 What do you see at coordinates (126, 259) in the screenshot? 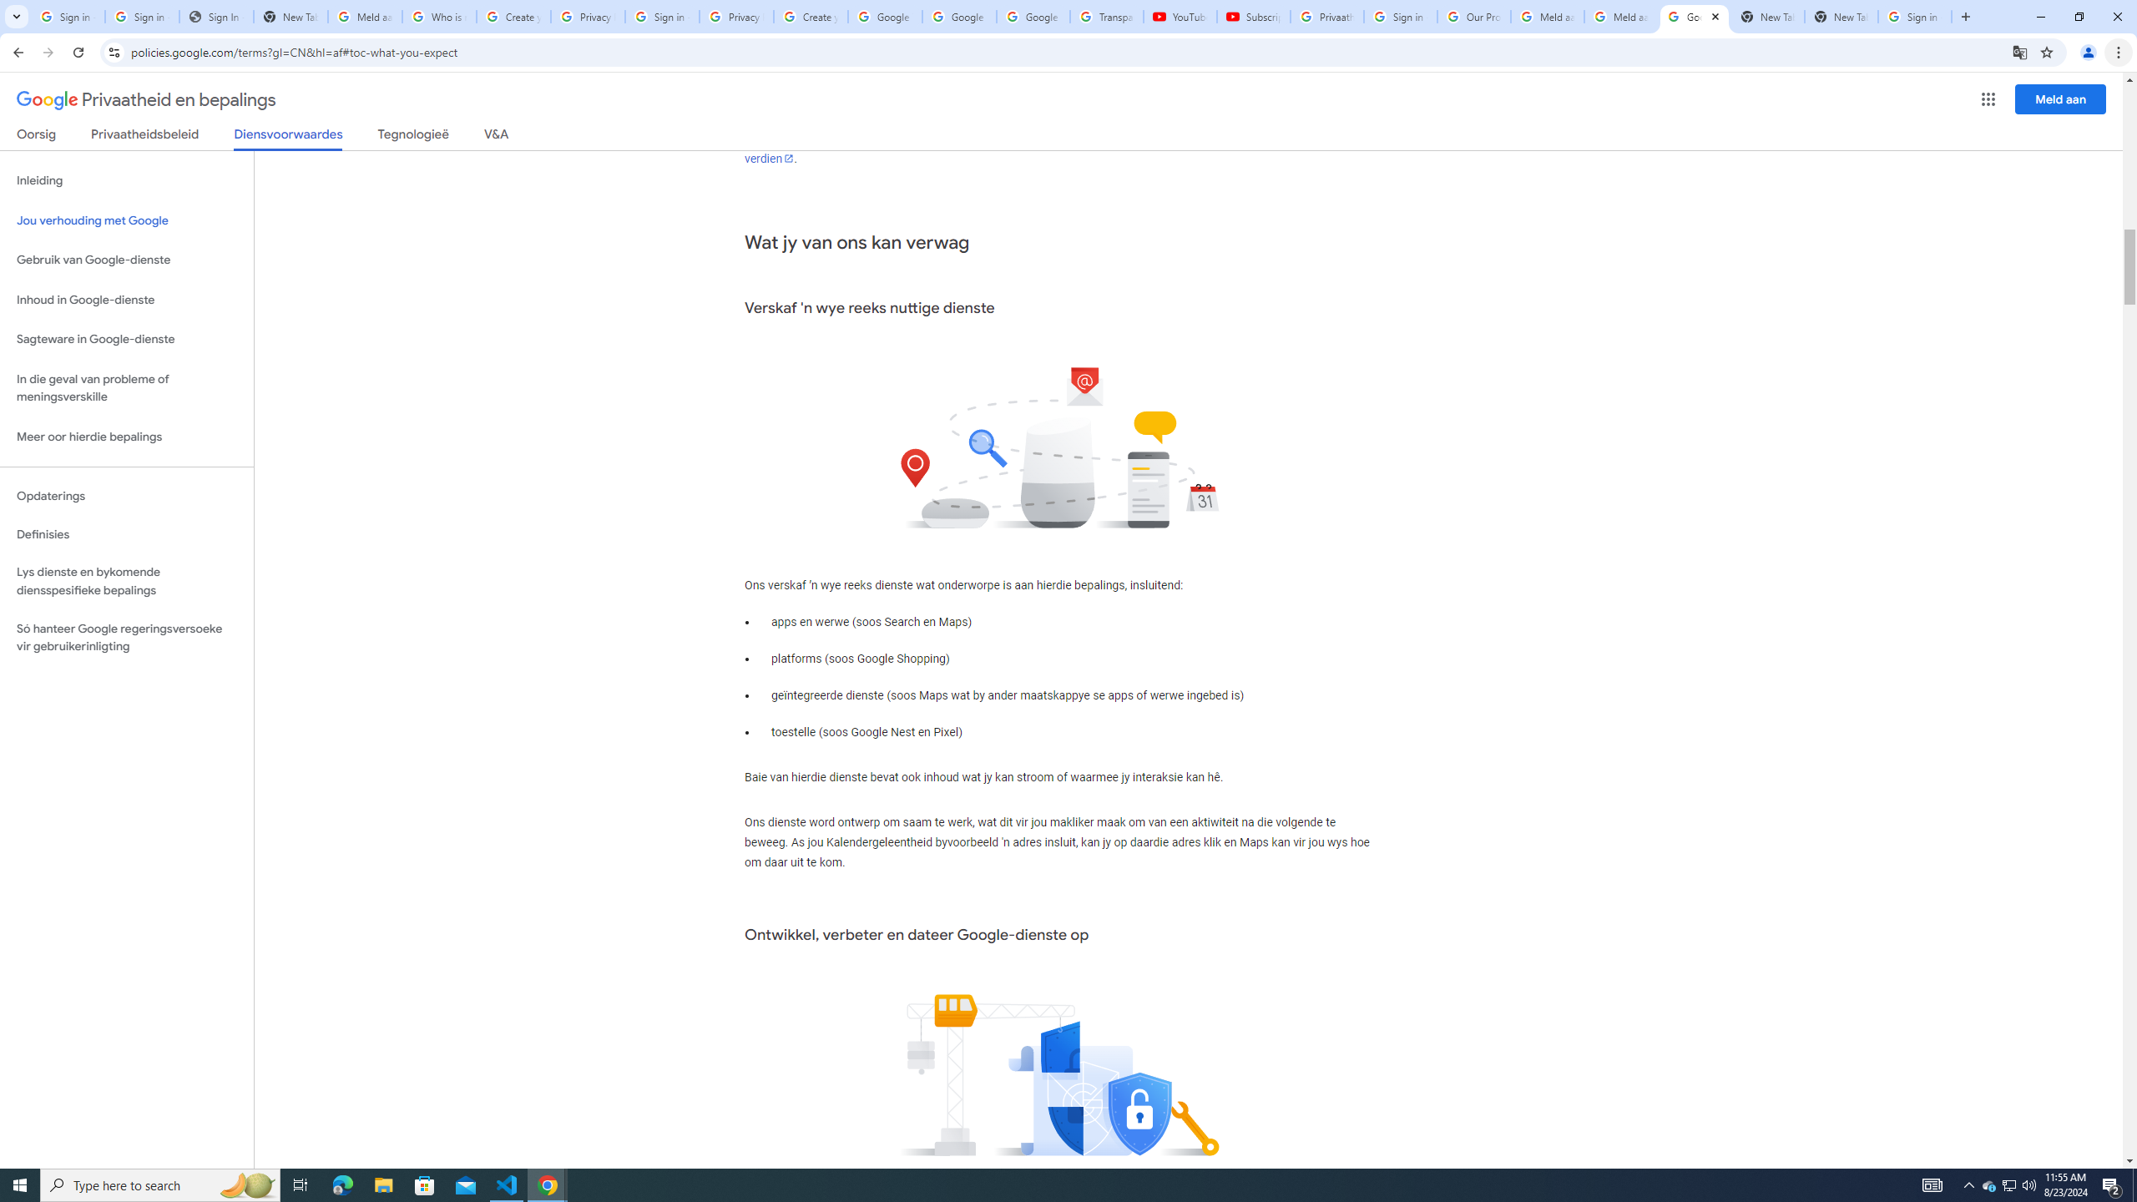
I see `'Gebruik van Google-dienste'` at bounding box center [126, 259].